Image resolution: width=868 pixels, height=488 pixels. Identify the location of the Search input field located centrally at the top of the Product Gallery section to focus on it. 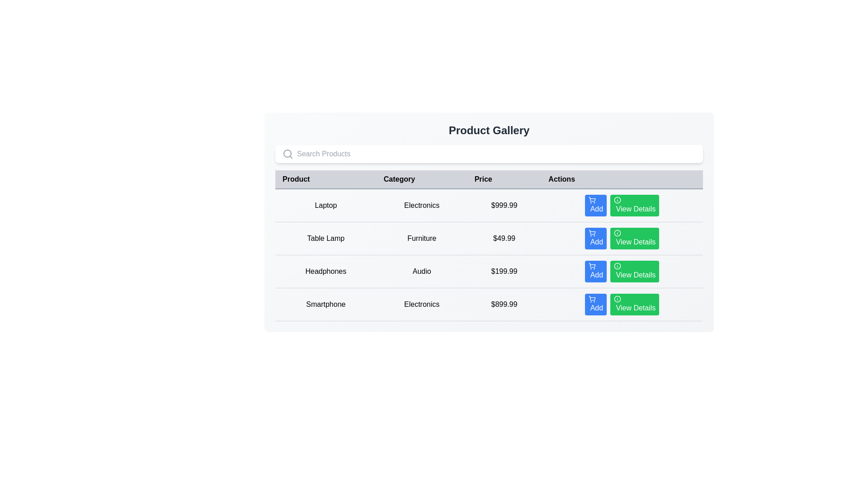
(488, 153).